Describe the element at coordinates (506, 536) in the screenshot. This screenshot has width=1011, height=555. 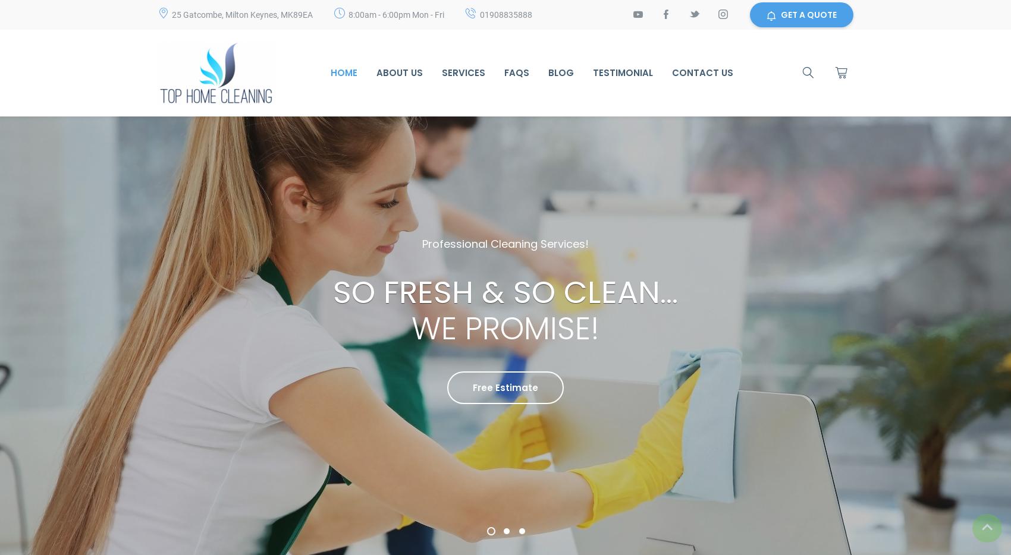
I see `'2'` at that location.